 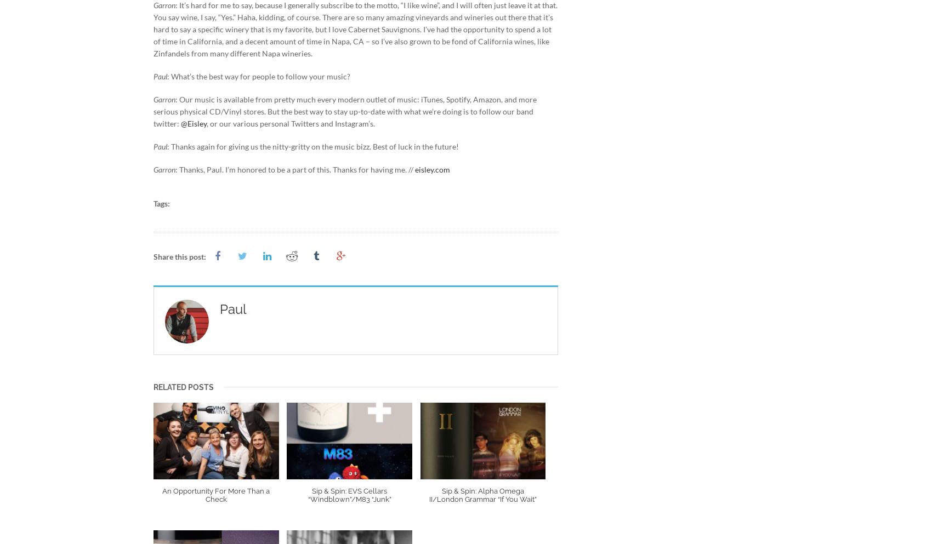 I want to click on ': Thanks, Paul. I’m honored to be a part of this. Thanks for having me. //', so click(x=294, y=168).